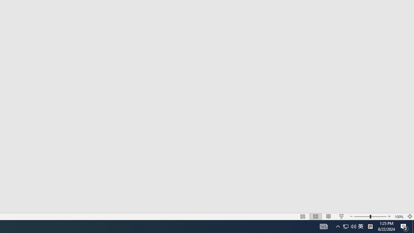 The image size is (414, 233). I want to click on 'Slide Sorter', so click(316, 216).